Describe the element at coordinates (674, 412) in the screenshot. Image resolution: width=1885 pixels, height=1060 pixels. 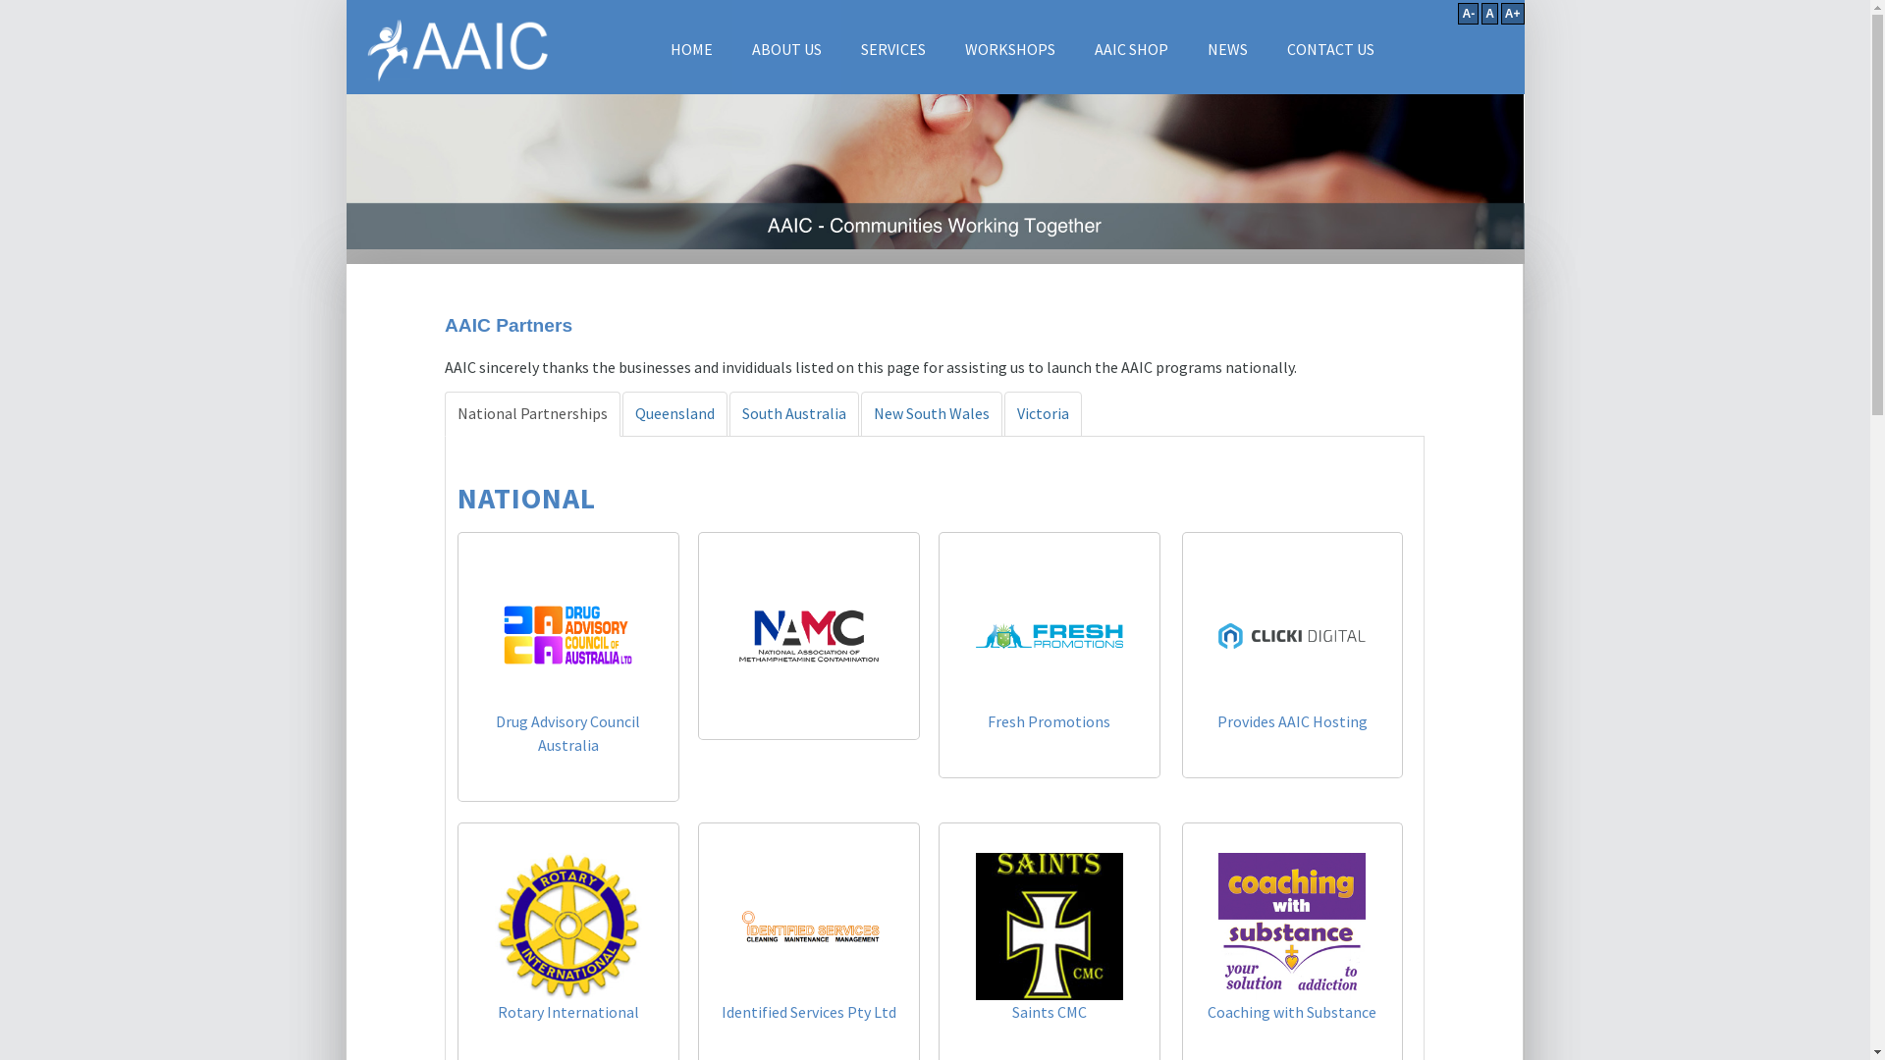
I see `'Queensland'` at that location.